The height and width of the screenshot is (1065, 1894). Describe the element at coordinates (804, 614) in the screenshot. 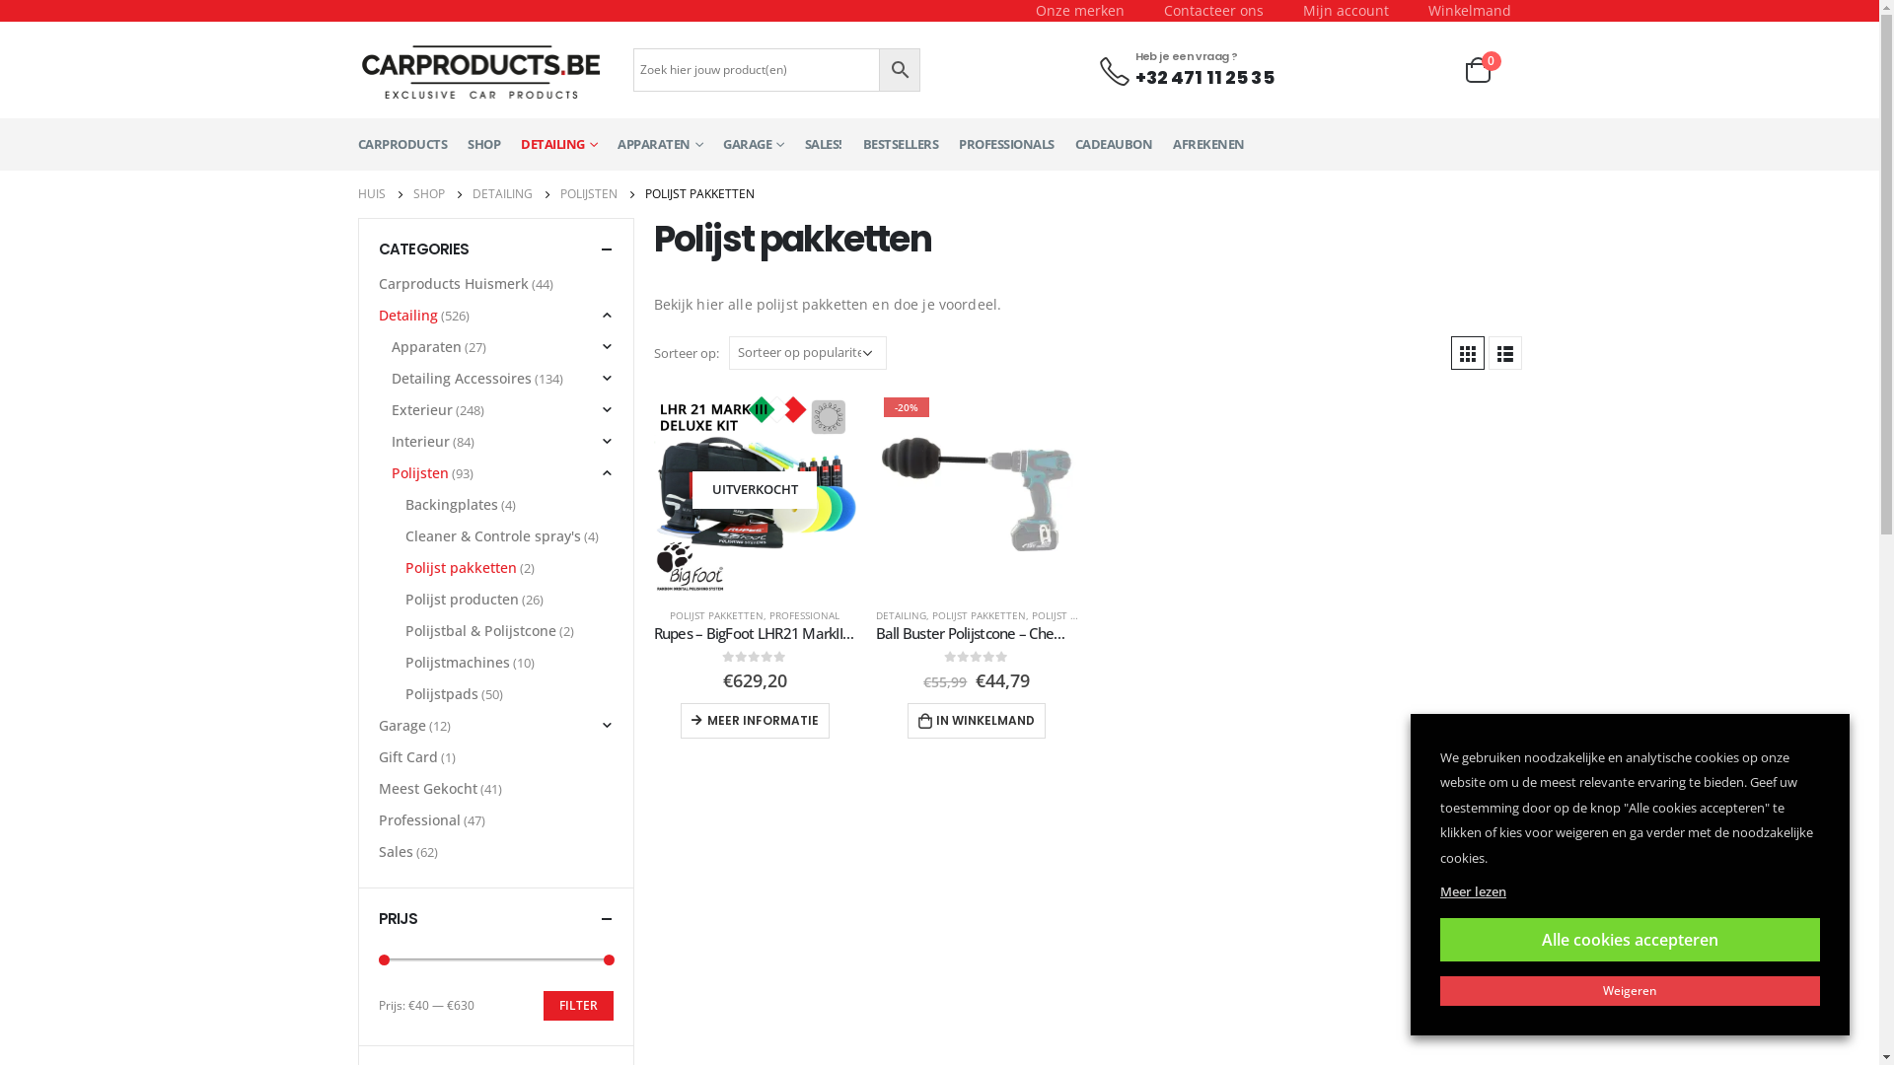

I see `'PROFESSIONAL'` at that location.